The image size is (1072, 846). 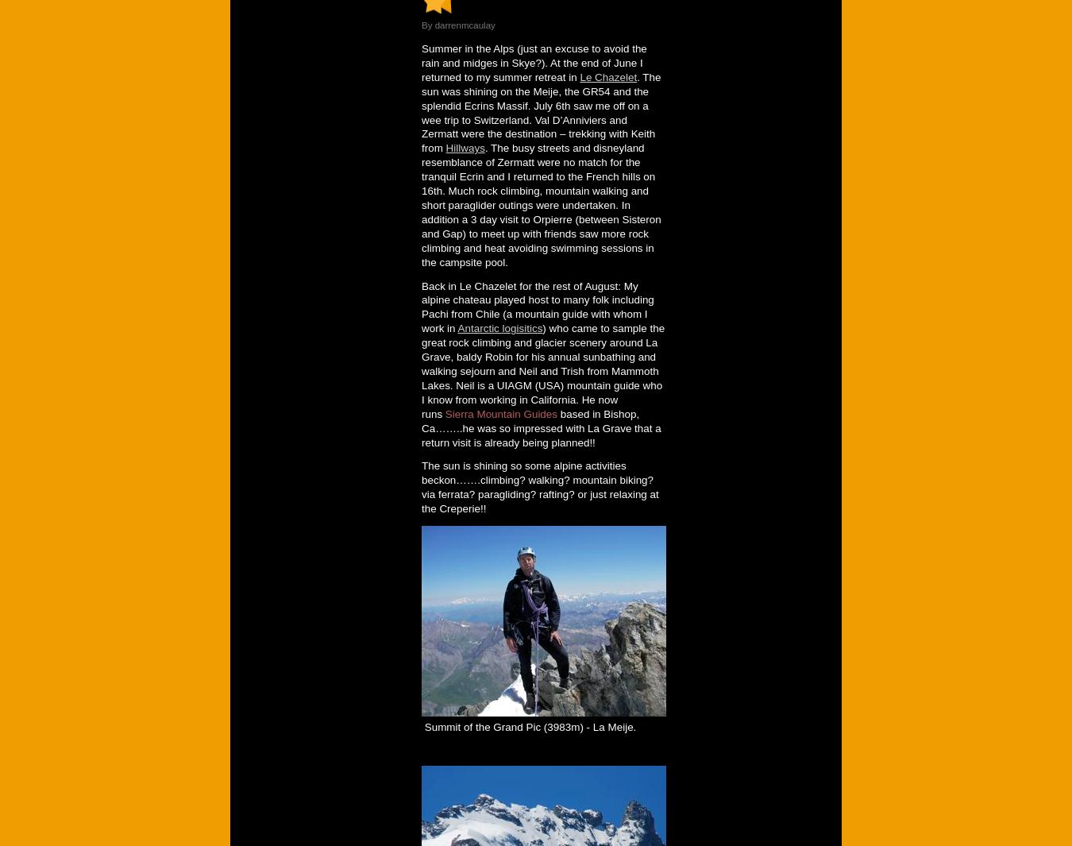 I want to click on 'Sierra Mountain Guides', so click(x=499, y=412).